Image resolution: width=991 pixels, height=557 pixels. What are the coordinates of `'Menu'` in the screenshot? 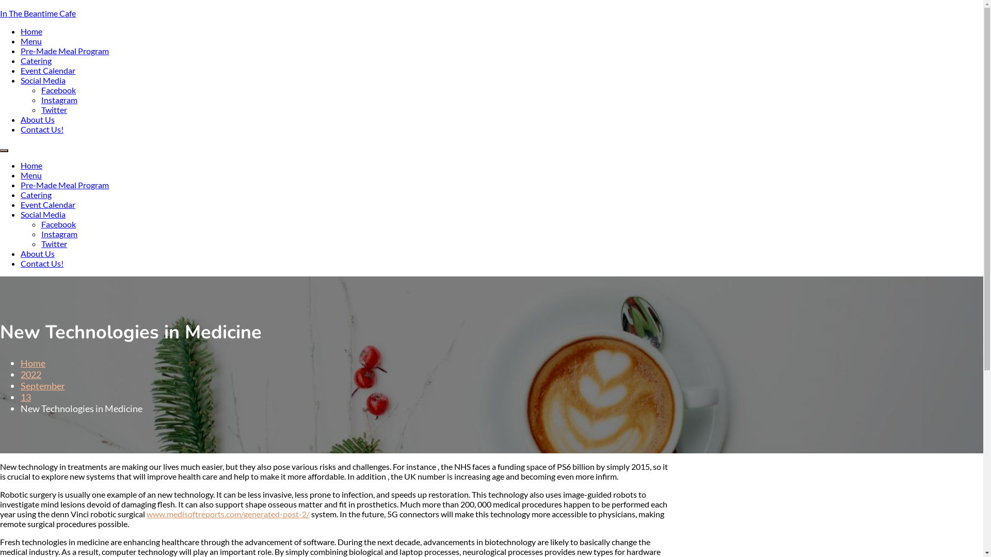 It's located at (31, 40).